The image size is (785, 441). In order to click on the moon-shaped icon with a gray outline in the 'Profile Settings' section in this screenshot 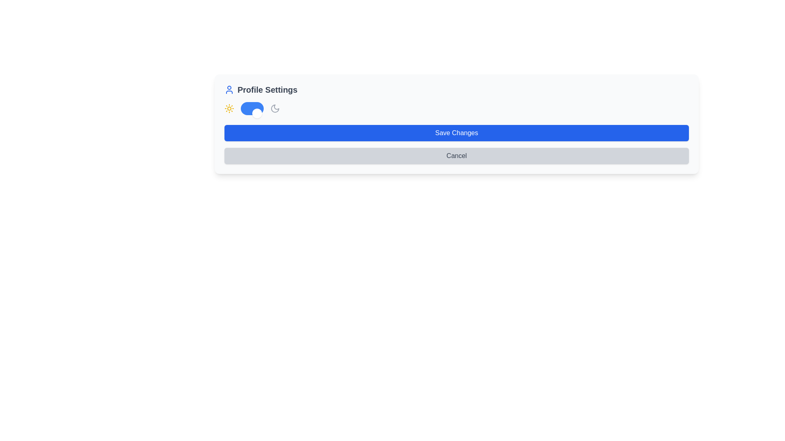, I will do `click(275, 108)`.